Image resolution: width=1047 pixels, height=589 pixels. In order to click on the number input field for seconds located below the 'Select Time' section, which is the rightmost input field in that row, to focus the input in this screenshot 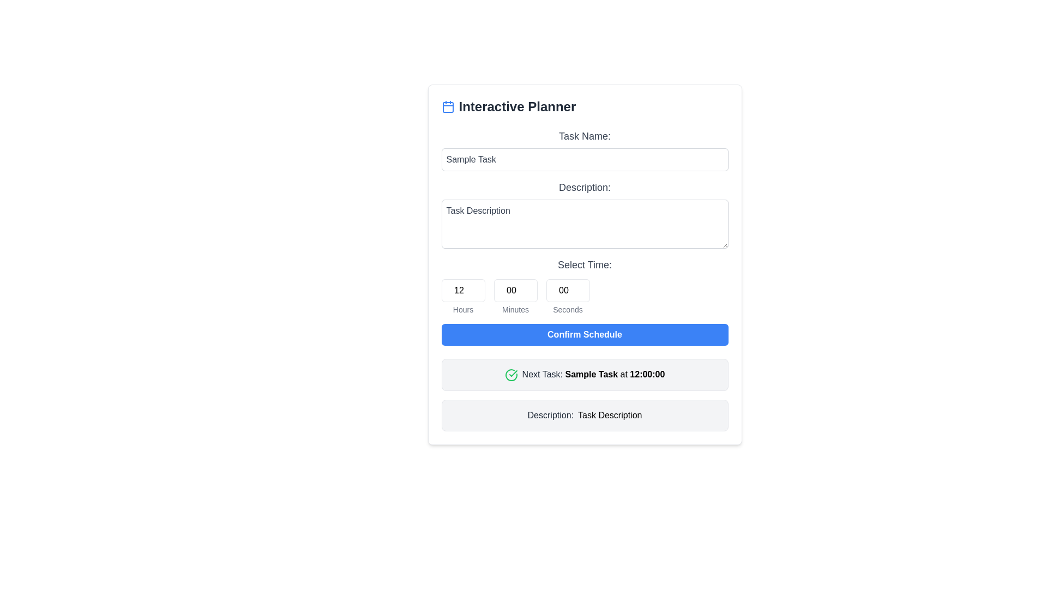, I will do `click(567, 290)`.